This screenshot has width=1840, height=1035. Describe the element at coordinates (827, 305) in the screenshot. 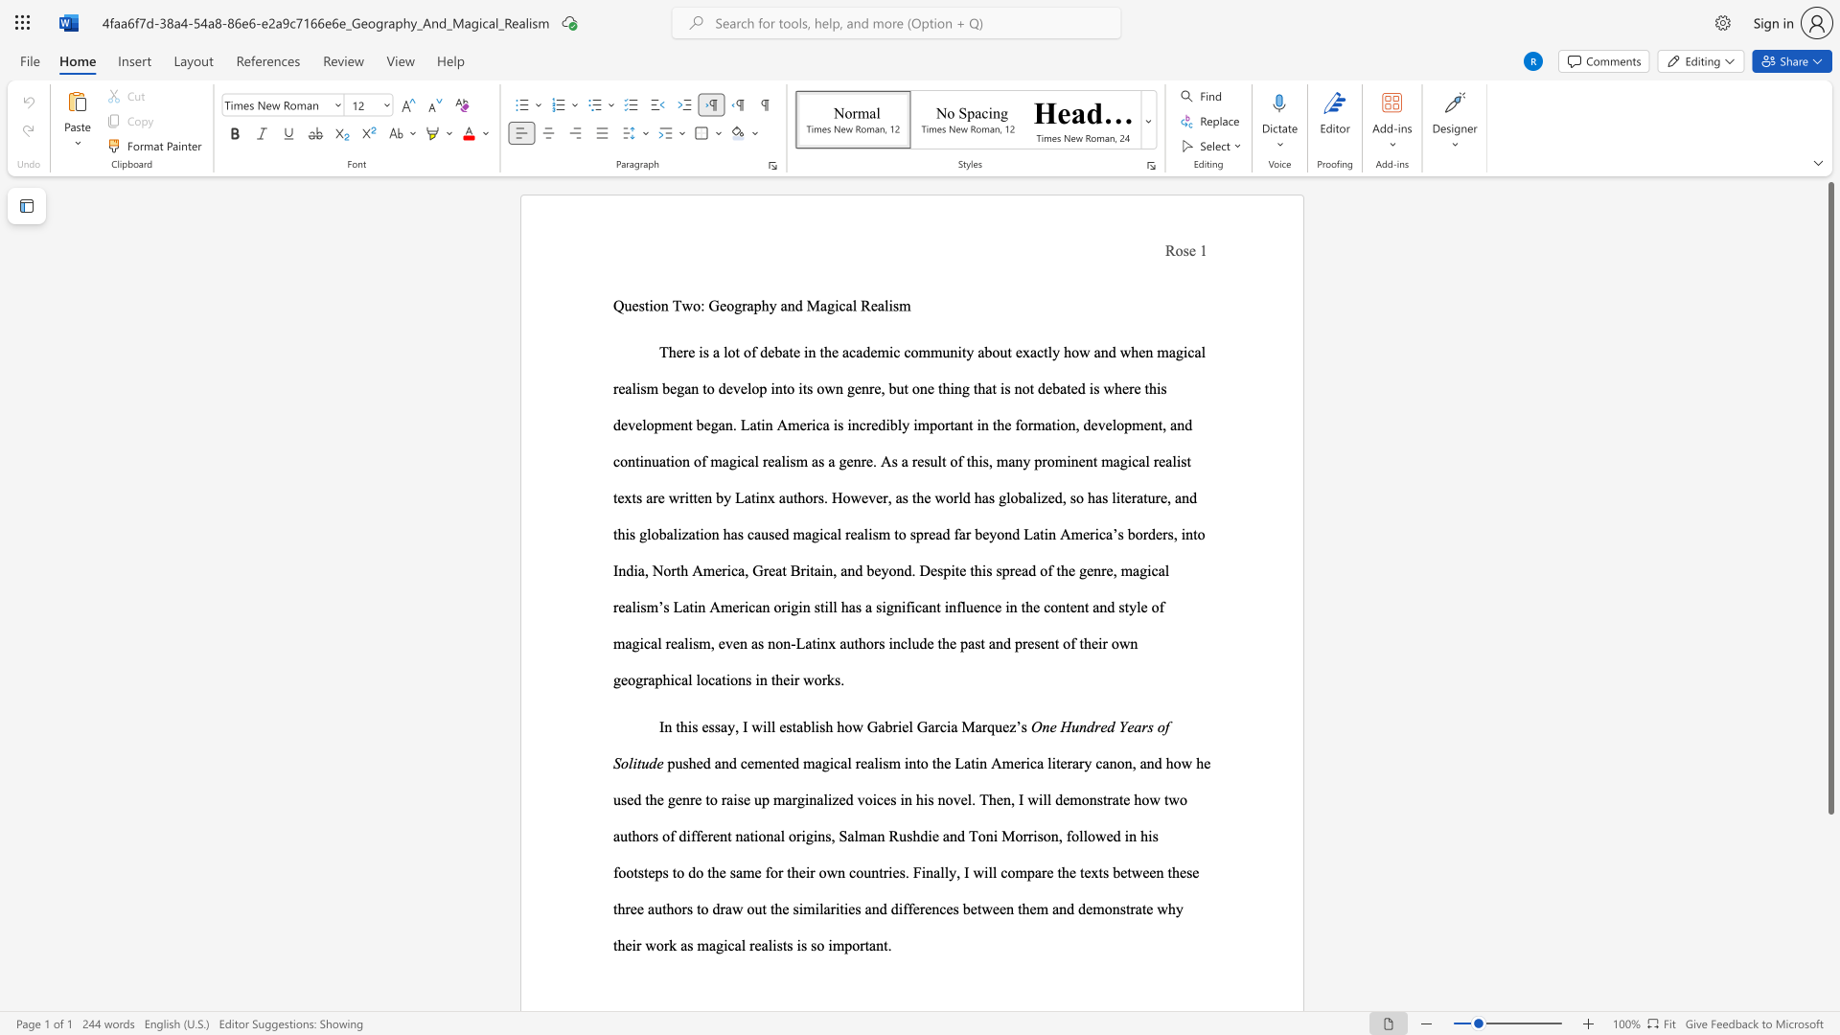

I see `the subset text "gical Realis" within the text "Question Two: Geography and Magical Realism"` at that location.